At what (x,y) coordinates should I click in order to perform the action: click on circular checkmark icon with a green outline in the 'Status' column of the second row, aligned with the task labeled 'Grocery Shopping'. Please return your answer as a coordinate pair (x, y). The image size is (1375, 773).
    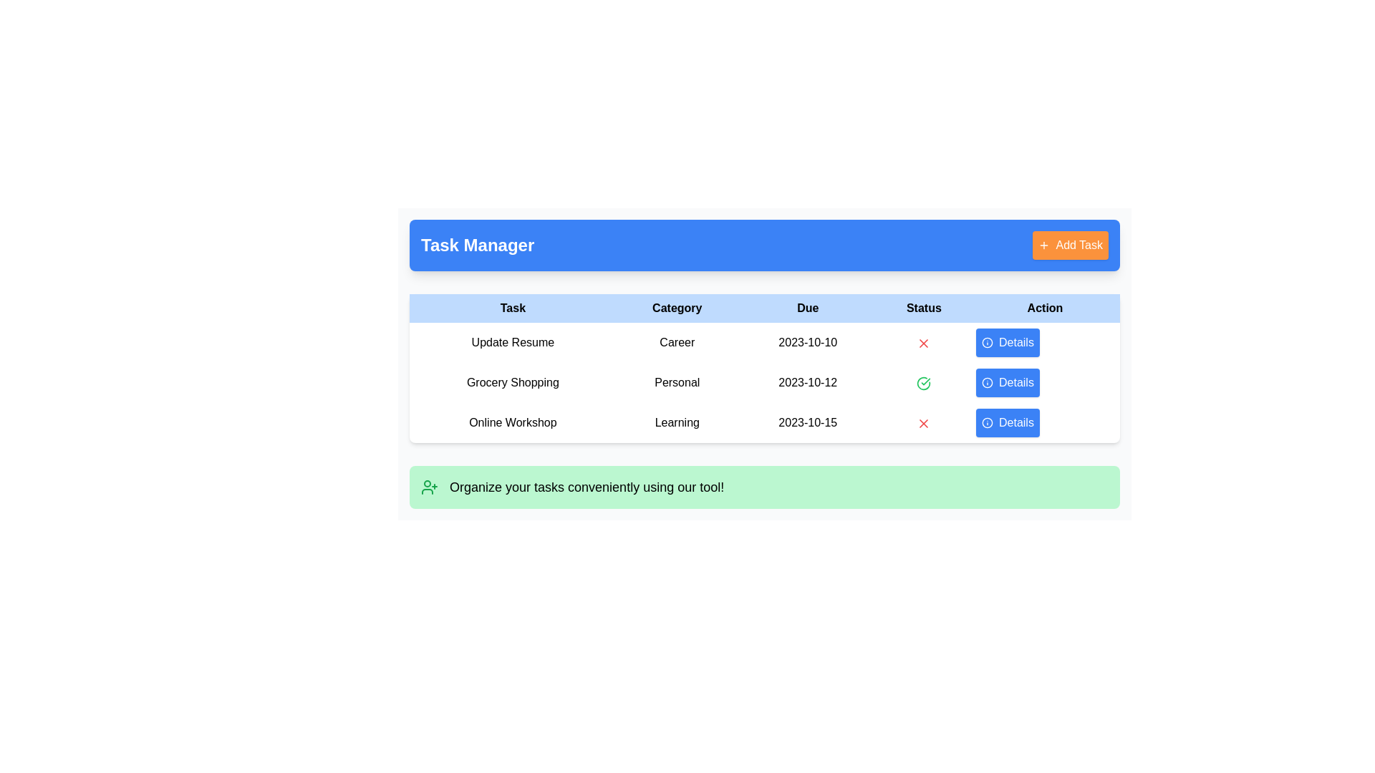
    Looking at the image, I should click on (924, 382).